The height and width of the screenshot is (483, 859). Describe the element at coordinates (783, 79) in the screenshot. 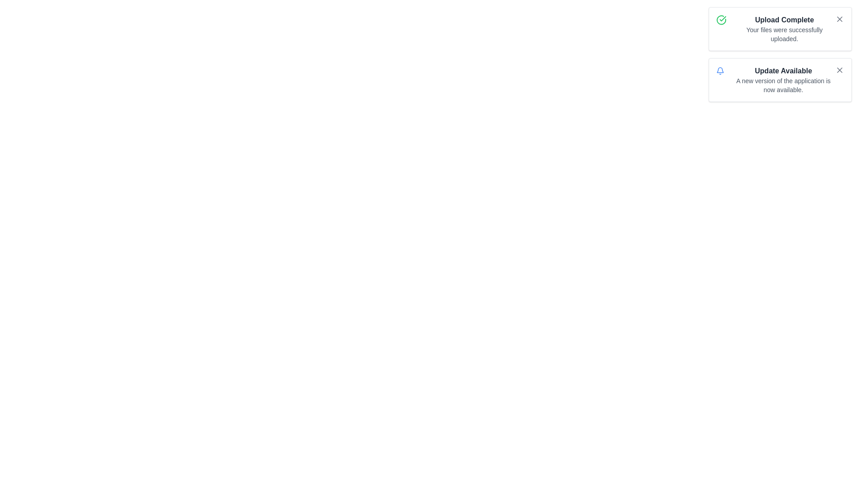

I see `the 'Update Available' notification text display located in the top-right corner of the interface, which contains bold text indicating an update and additional details below it` at that location.